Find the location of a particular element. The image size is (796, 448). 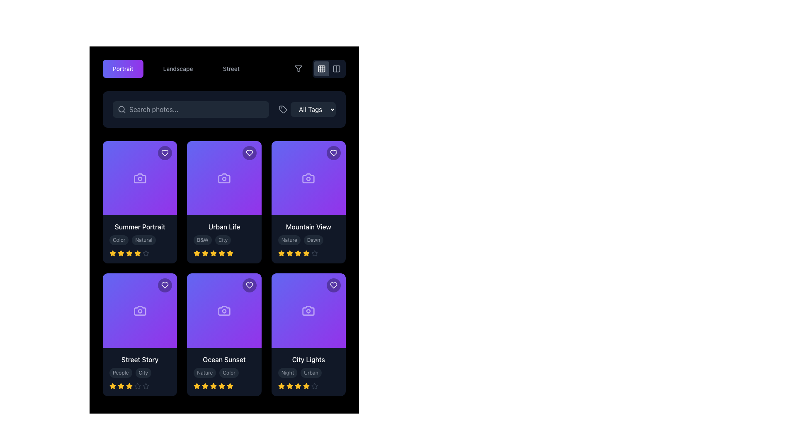

the camera icon on the 'Mountain View' card located in the top-right section of the grid layout is located at coordinates (308, 178).